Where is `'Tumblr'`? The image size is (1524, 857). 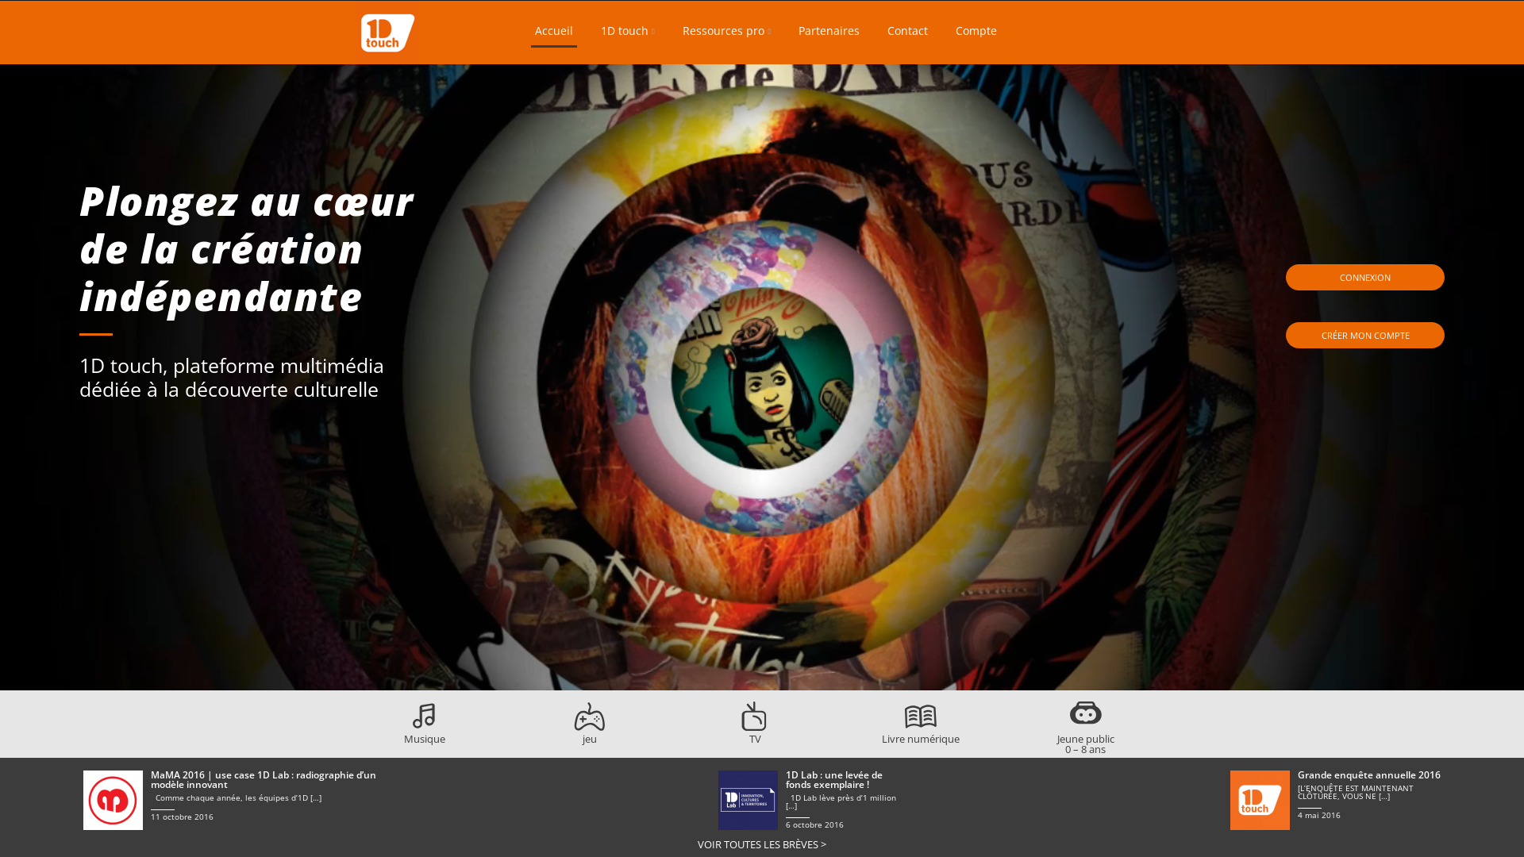 'Tumblr' is located at coordinates (1152, 30).